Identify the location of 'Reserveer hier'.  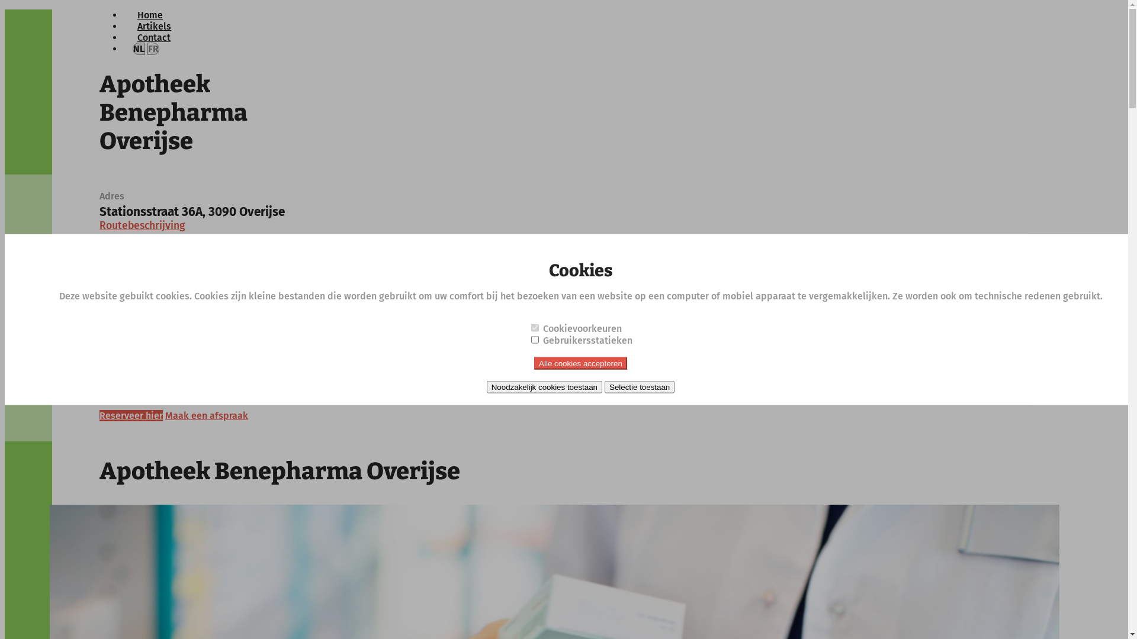
(131, 415).